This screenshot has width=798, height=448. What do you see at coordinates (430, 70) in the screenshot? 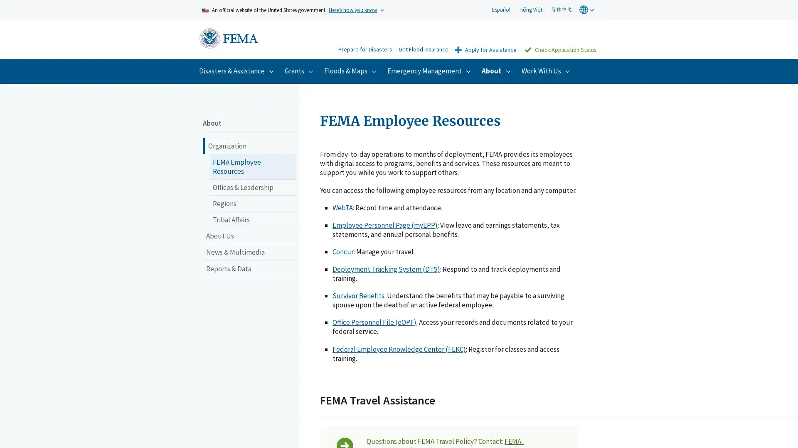
I see `Emergency Management` at bounding box center [430, 70].